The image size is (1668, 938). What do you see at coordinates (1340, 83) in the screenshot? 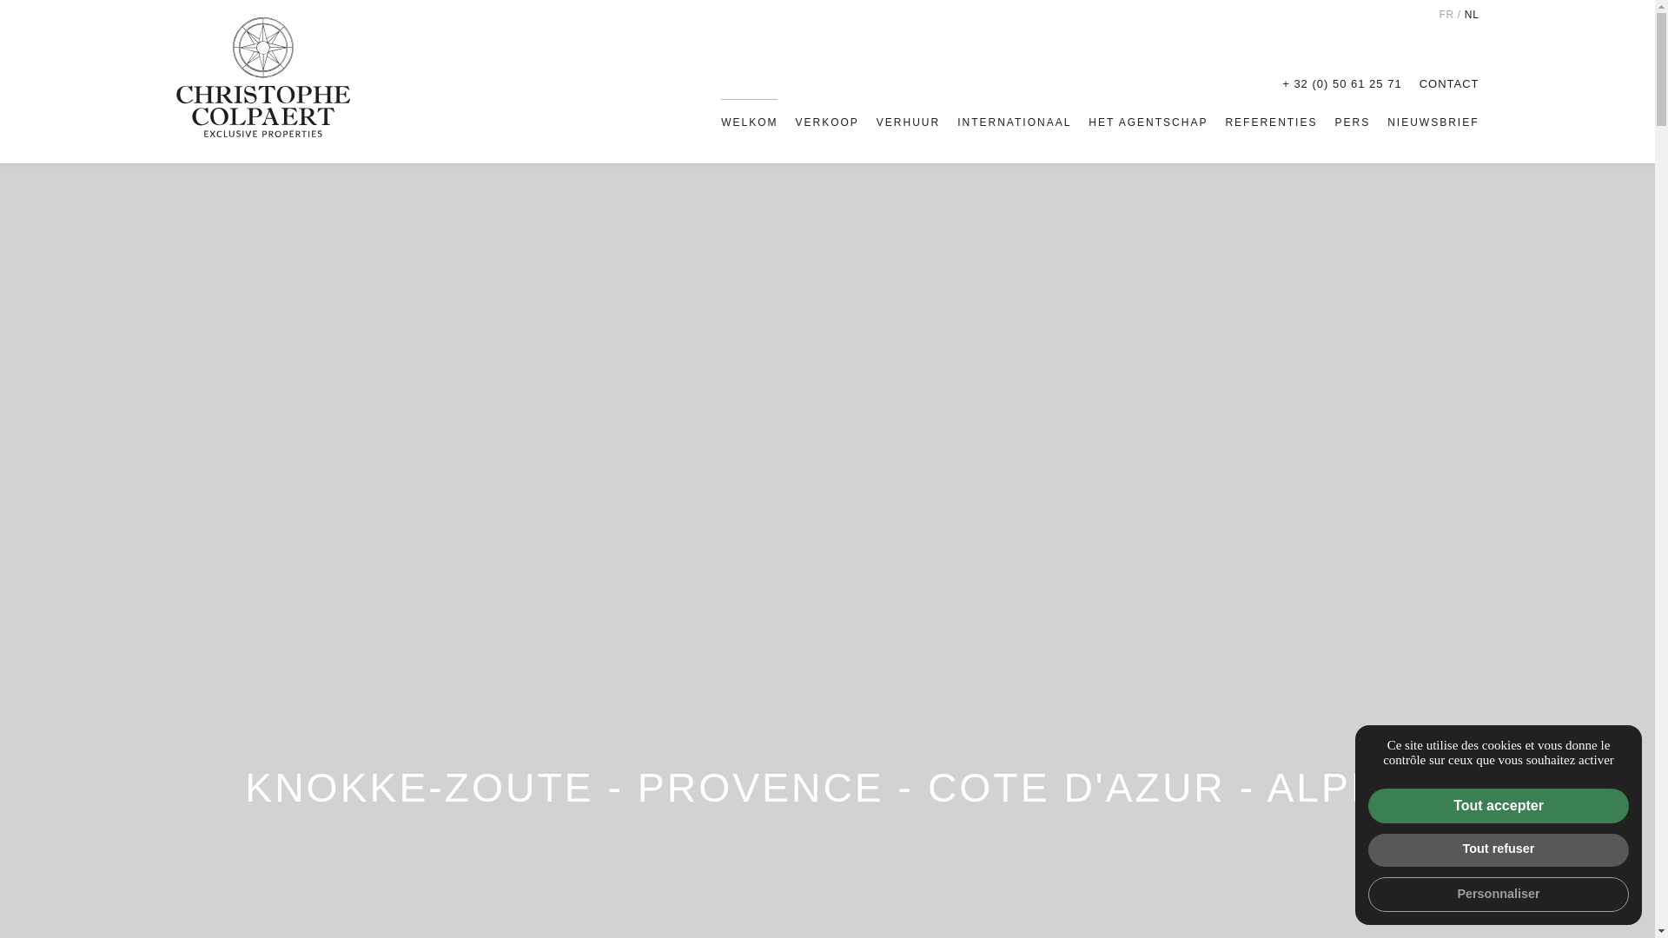
I see `'+ 32 (0) 50 61 25 71'` at bounding box center [1340, 83].